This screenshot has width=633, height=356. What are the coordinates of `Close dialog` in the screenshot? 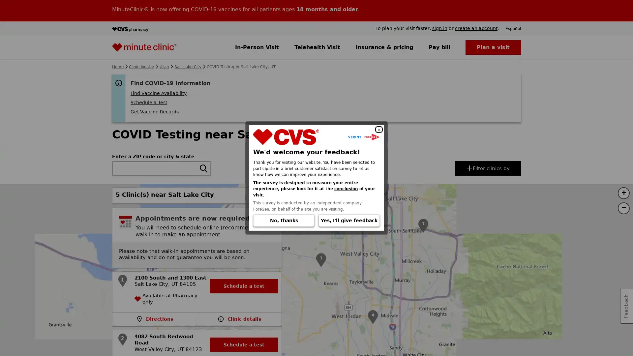 It's located at (378, 129).